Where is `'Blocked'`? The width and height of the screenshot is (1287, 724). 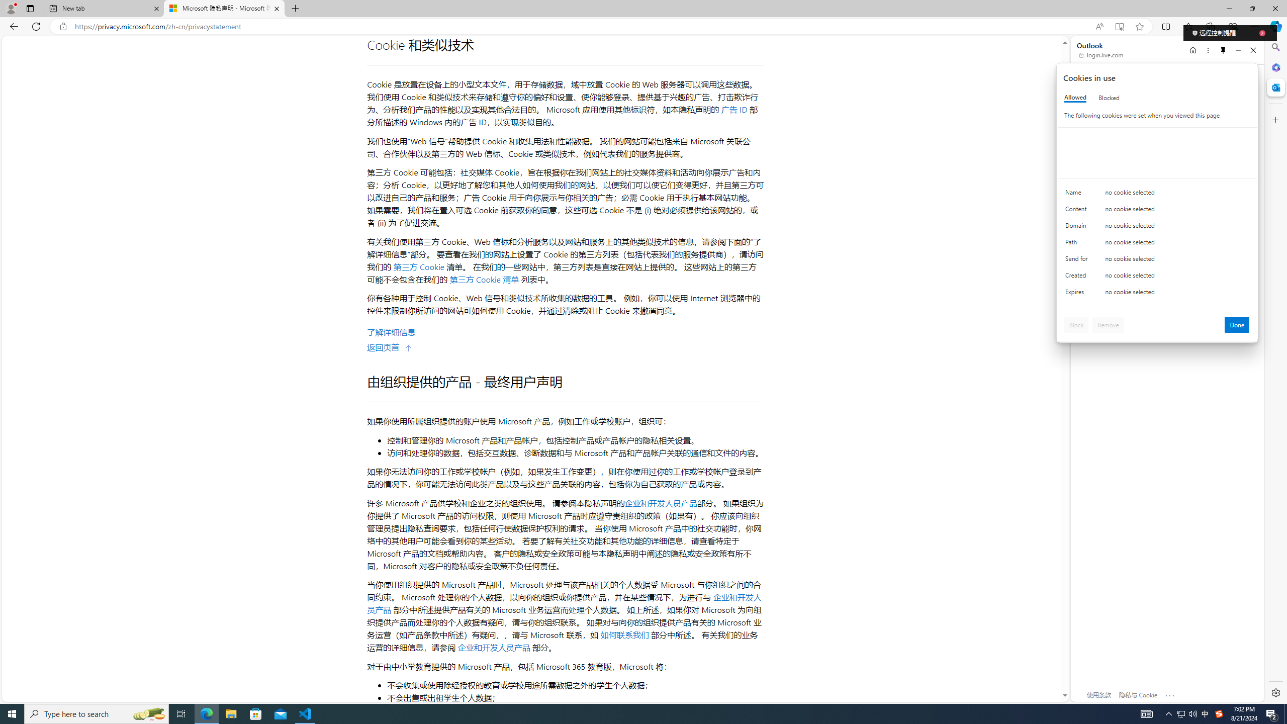
'Blocked' is located at coordinates (1109, 98).